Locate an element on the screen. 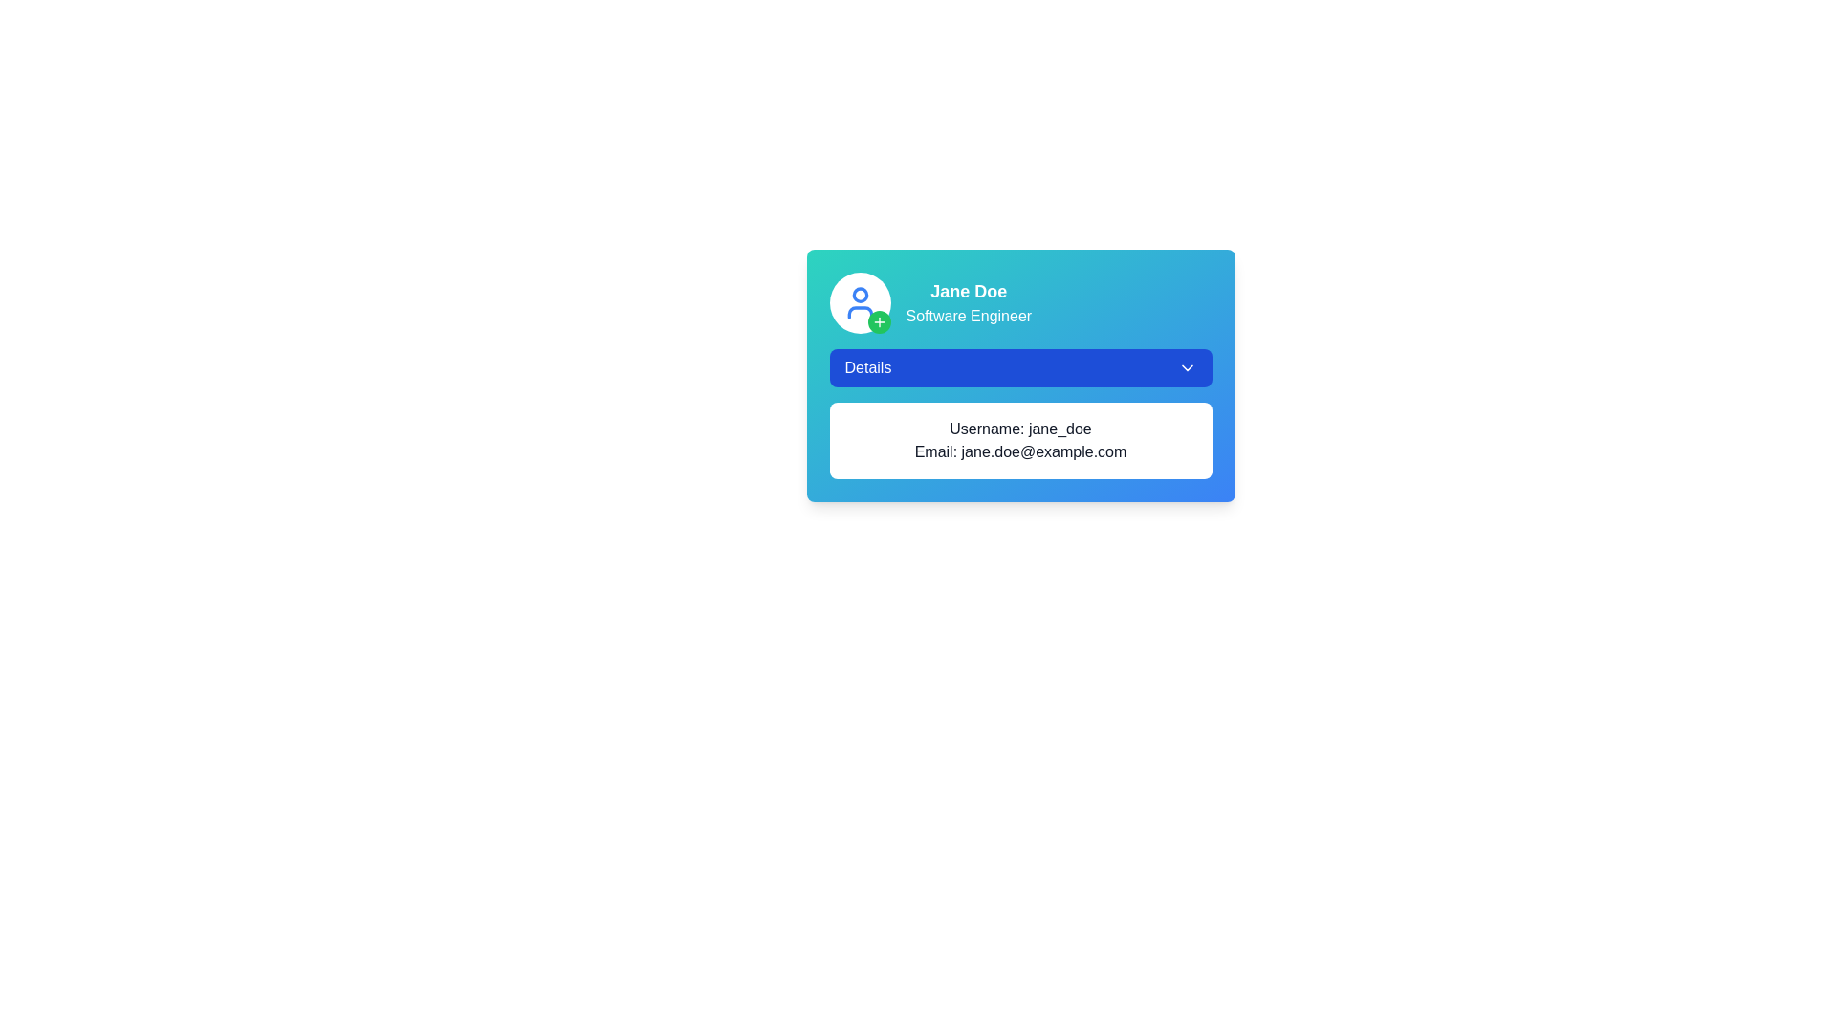 This screenshot has height=1033, width=1836. the circular green icon with a white plus sign located in the bottom-right corner of the profile picture is located at coordinates (878, 320).